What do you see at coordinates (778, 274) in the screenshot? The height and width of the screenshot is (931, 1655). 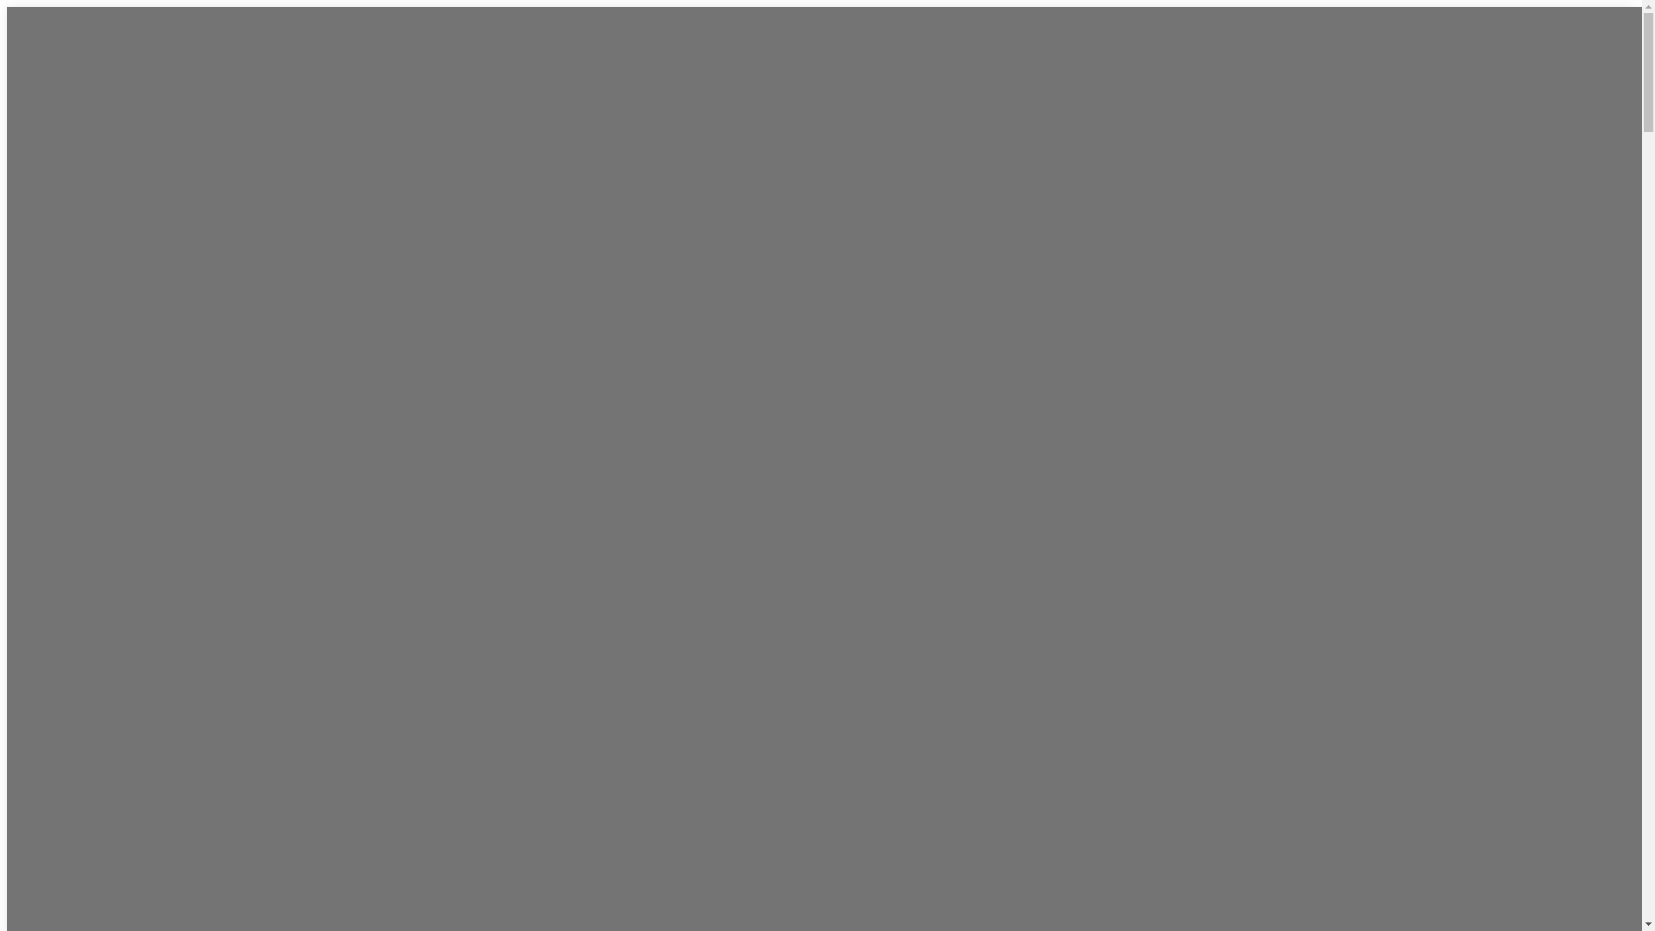 I see `'Easements Lawyers'` at bounding box center [778, 274].